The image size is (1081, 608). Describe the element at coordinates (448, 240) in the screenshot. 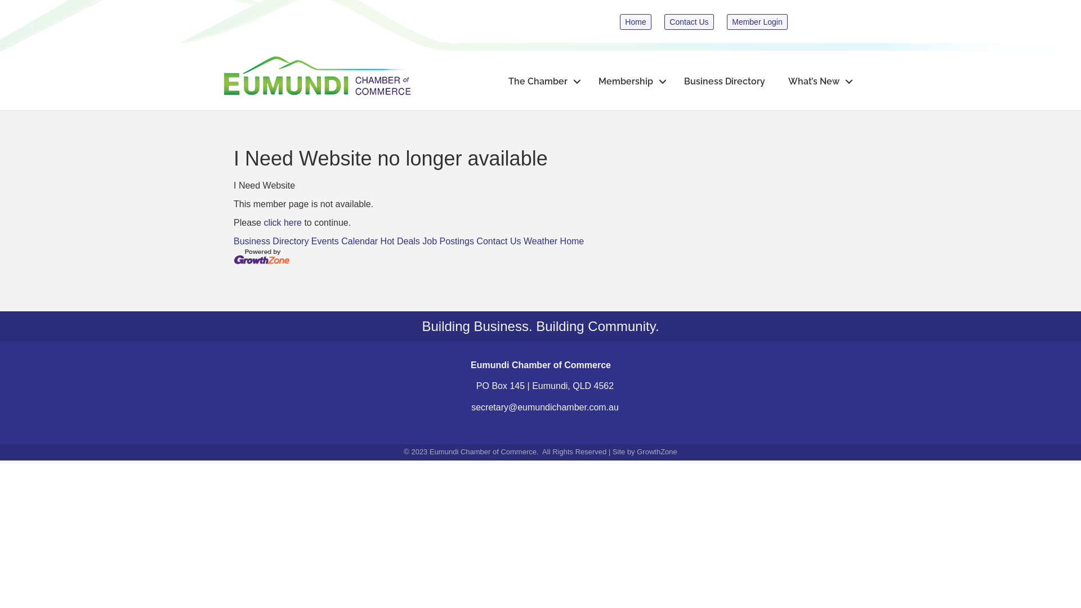

I see `'Job Postings'` at that location.